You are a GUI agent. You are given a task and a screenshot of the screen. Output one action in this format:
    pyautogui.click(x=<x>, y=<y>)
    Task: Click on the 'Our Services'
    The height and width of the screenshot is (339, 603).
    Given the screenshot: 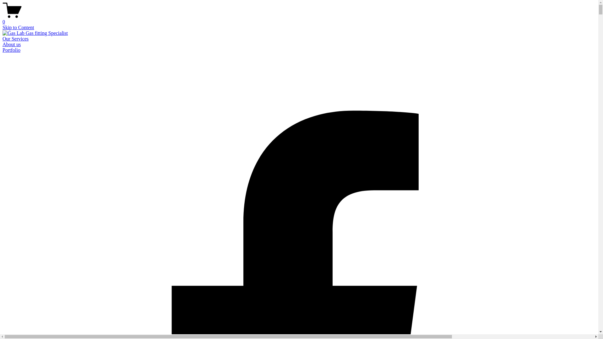 What is the action you would take?
    pyautogui.click(x=15, y=39)
    